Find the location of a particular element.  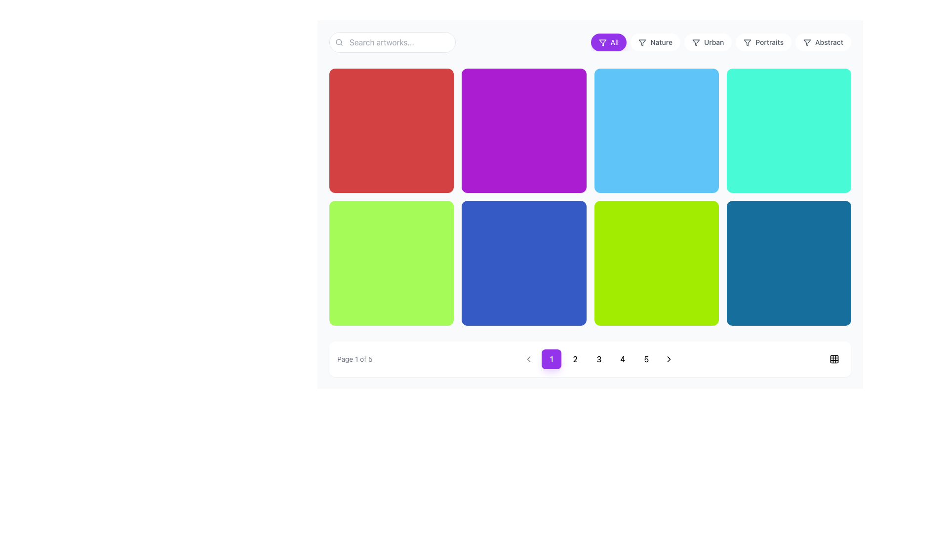

the toggle grid-view button located at the bottom-right corner of the pagination section to switch the display mode is located at coordinates (833, 359).